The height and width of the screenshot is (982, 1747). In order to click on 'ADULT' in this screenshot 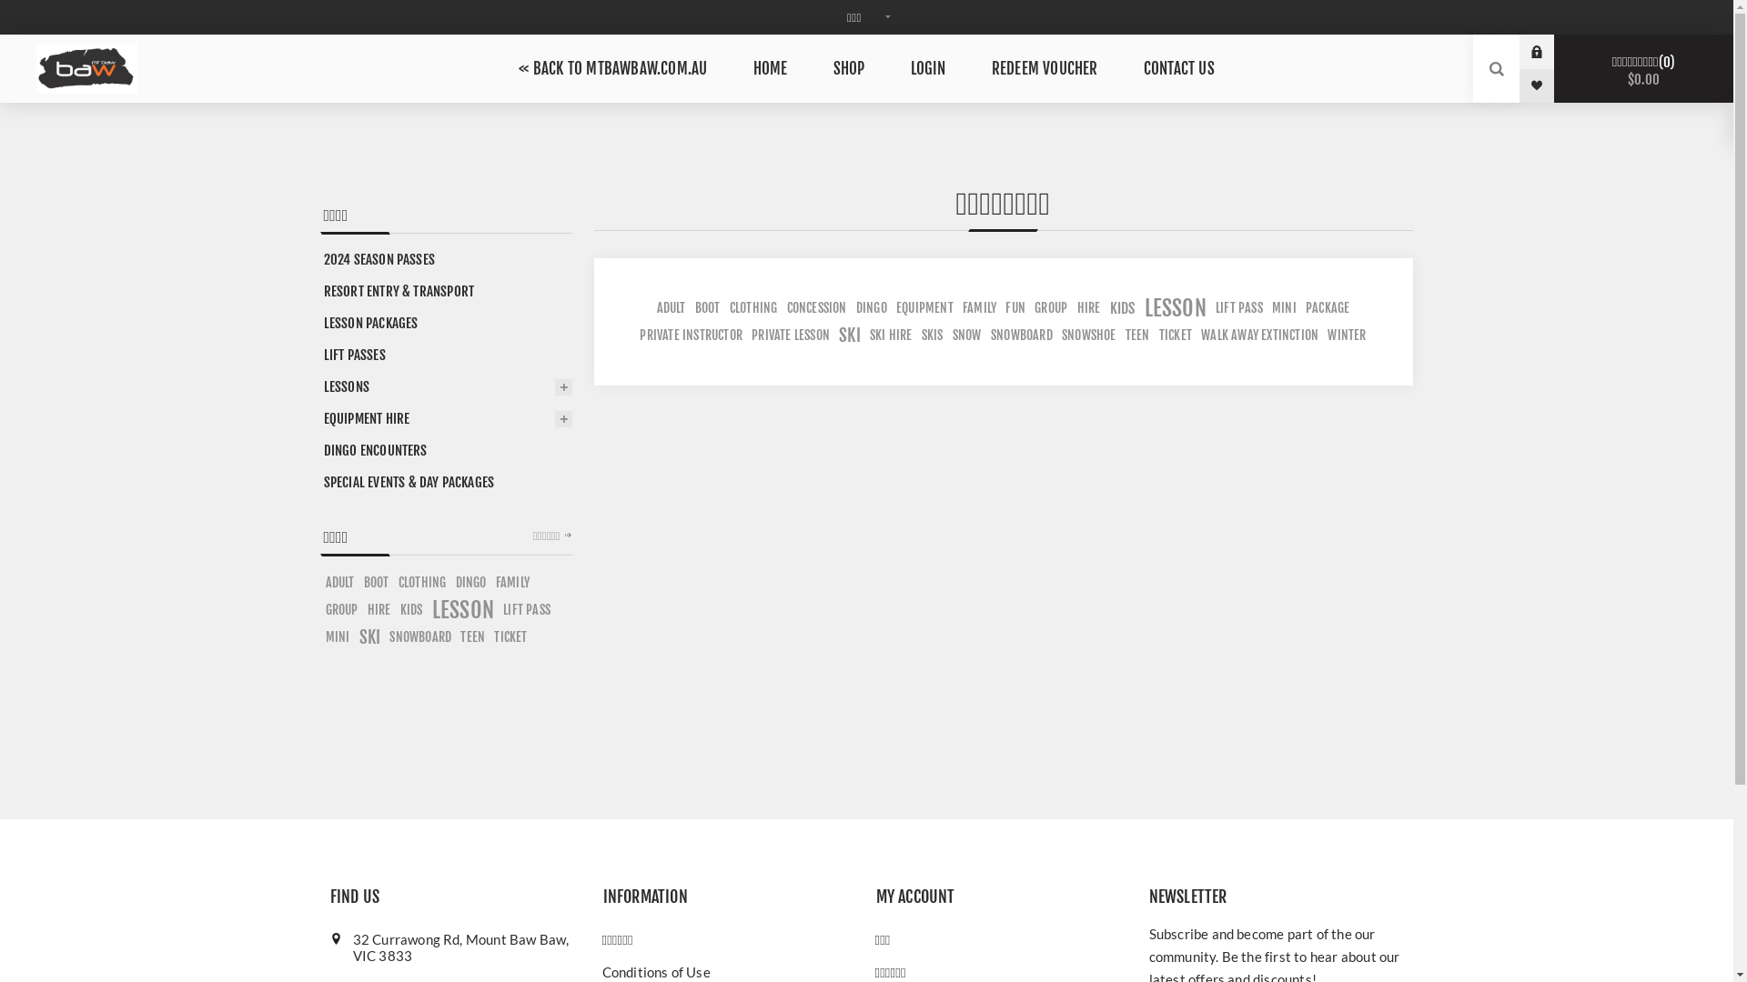, I will do `click(326, 582)`.